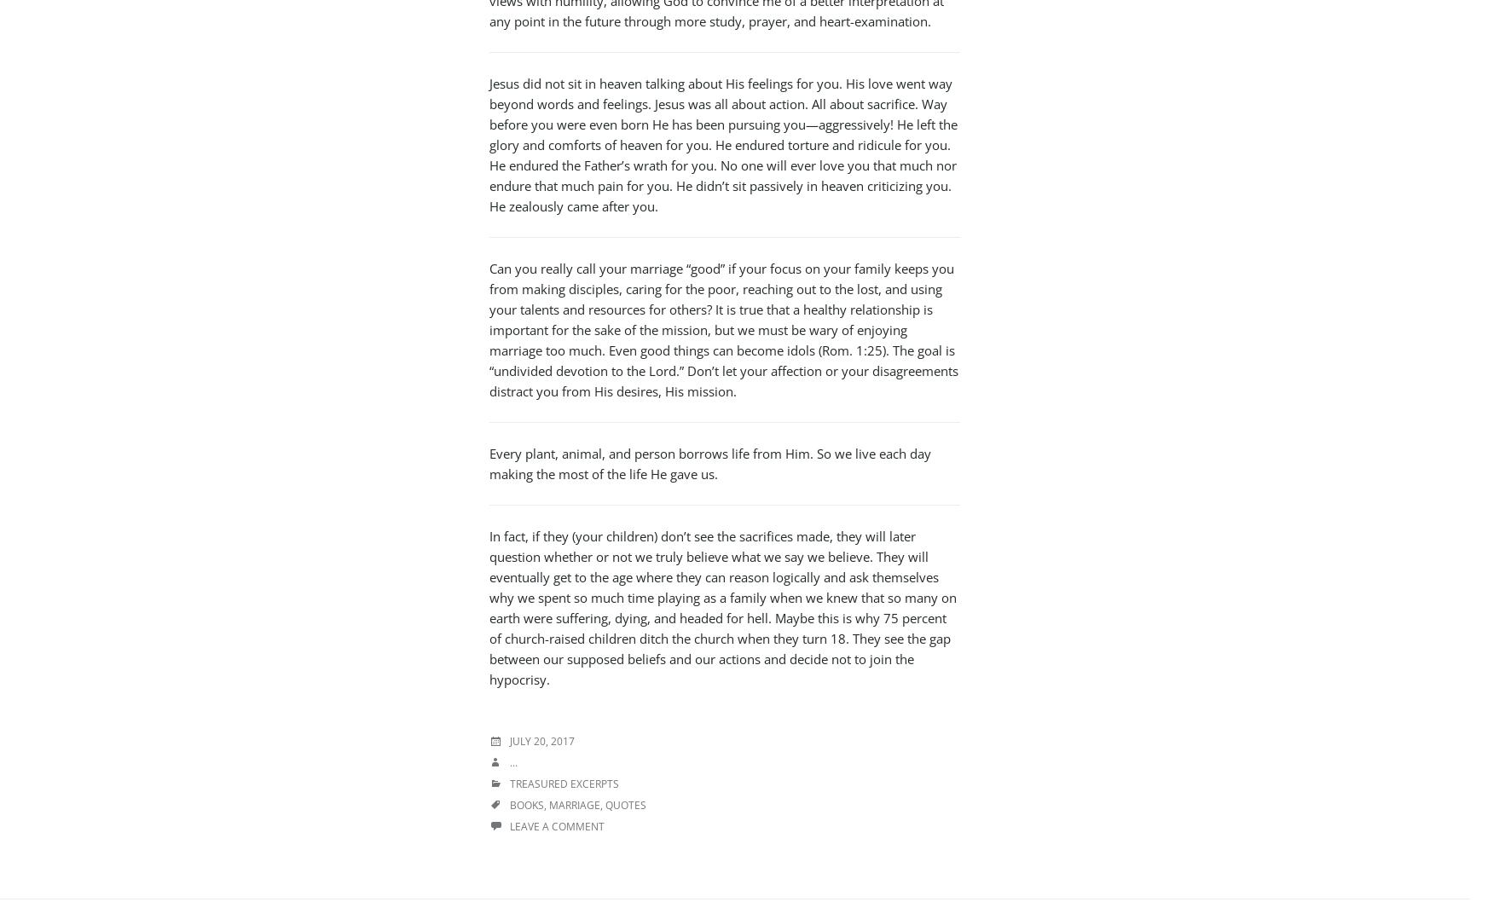 This screenshot has height=908, width=1511. What do you see at coordinates (541, 741) in the screenshot?
I see `'July 20, 2017'` at bounding box center [541, 741].